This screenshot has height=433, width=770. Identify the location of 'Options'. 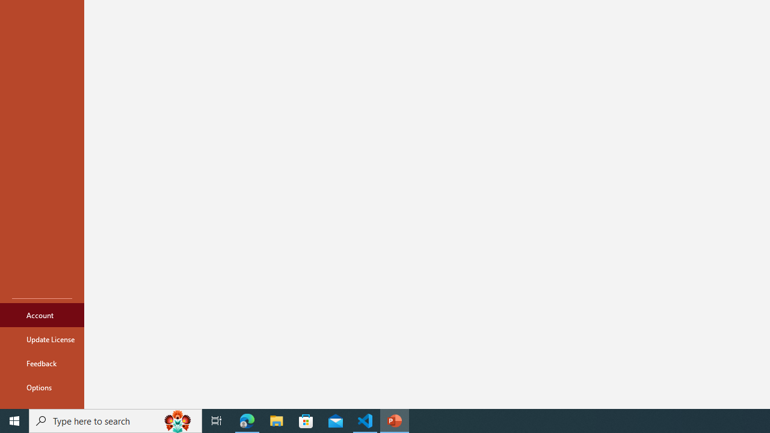
(42, 387).